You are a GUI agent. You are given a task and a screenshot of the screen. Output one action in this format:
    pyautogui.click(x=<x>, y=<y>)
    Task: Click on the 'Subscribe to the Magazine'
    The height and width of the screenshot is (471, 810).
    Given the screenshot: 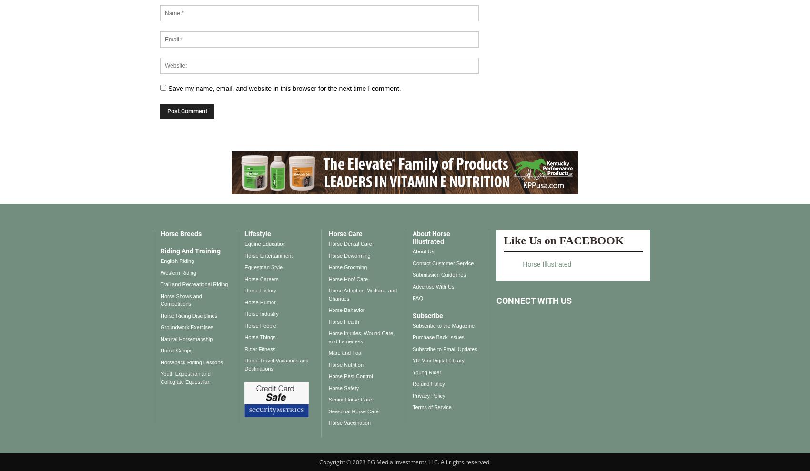 What is the action you would take?
    pyautogui.click(x=412, y=325)
    